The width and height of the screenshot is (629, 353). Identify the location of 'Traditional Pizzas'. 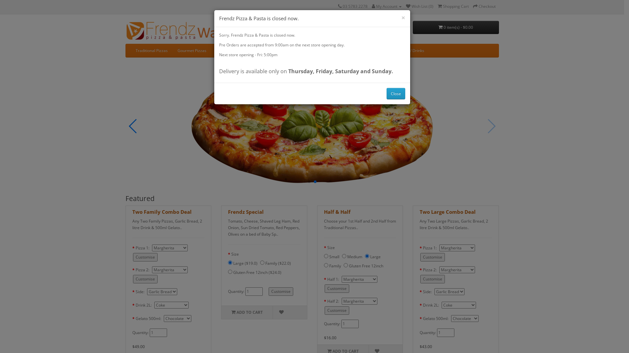
(151, 50).